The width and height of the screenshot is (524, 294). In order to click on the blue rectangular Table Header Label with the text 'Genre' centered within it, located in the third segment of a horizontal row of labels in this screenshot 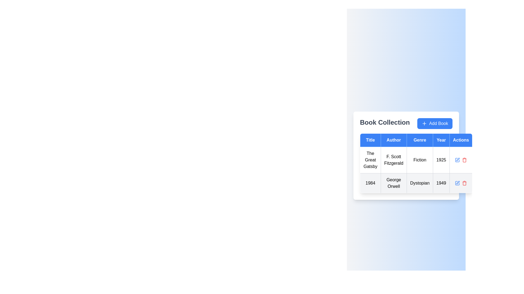, I will do `click(419, 140)`.